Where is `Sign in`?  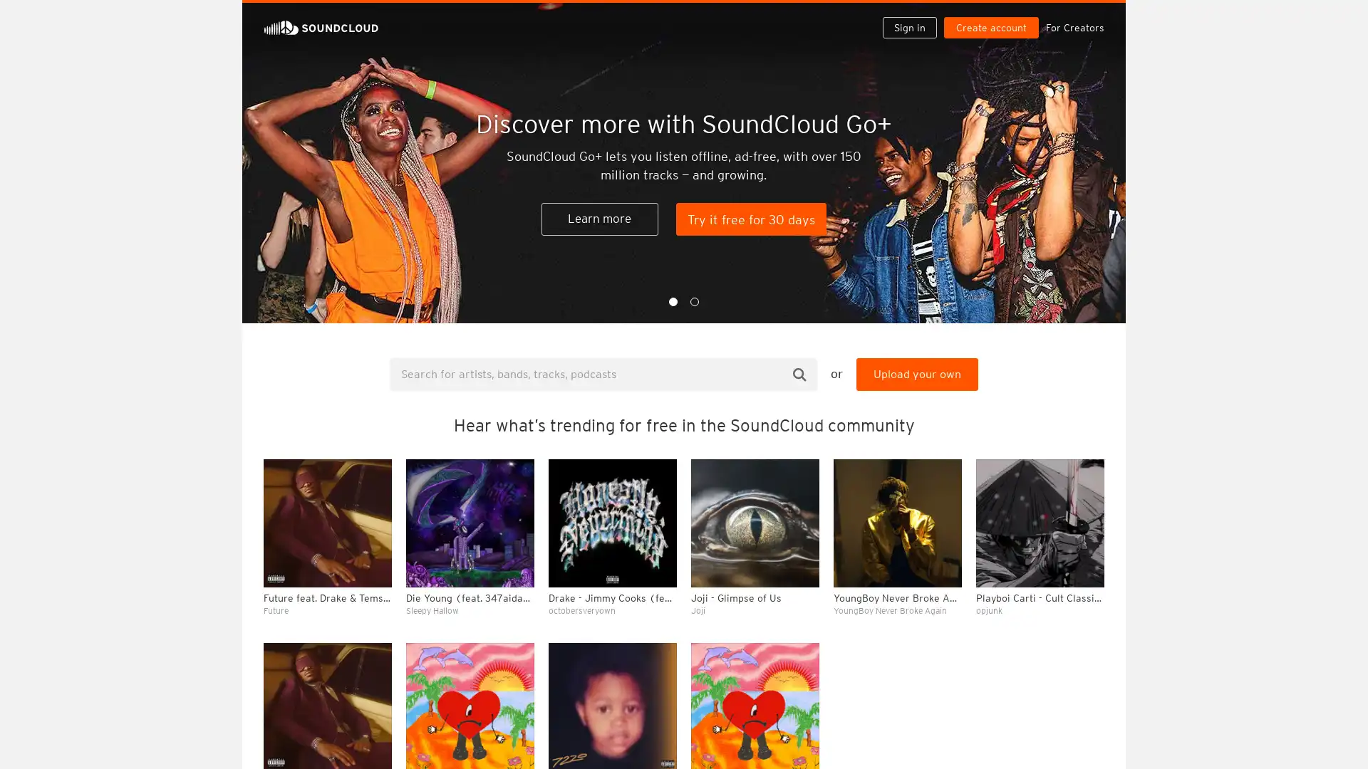
Sign in is located at coordinates (908, 27).